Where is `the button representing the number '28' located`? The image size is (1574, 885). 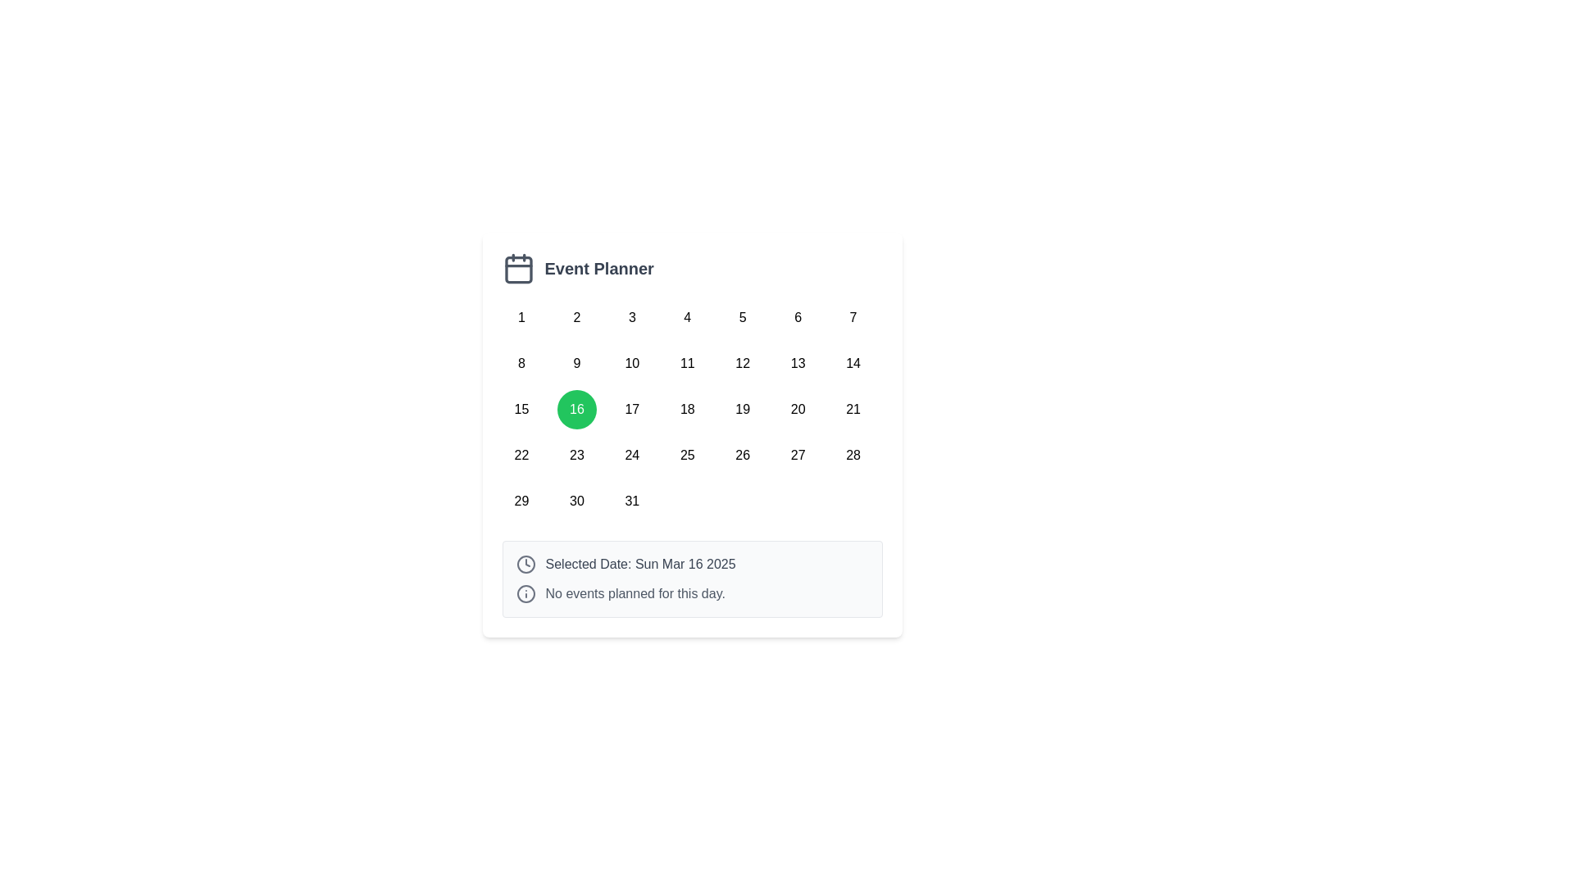 the button representing the number '28' located is located at coordinates (853, 455).